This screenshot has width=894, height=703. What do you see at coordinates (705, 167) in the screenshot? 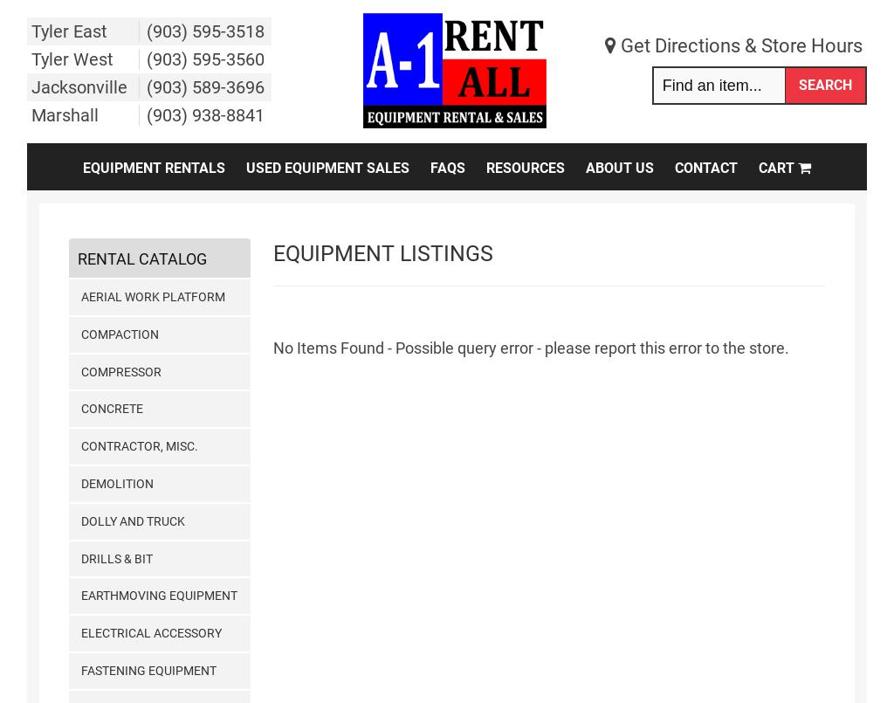
I see `'Contact'` at bounding box center [705, 167].